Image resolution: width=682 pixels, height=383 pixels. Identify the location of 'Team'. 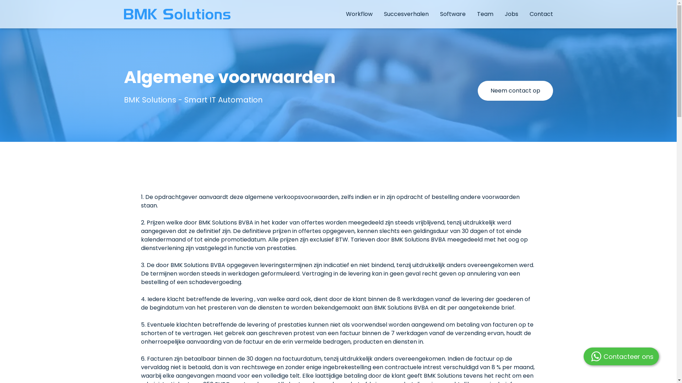
(484, 14).